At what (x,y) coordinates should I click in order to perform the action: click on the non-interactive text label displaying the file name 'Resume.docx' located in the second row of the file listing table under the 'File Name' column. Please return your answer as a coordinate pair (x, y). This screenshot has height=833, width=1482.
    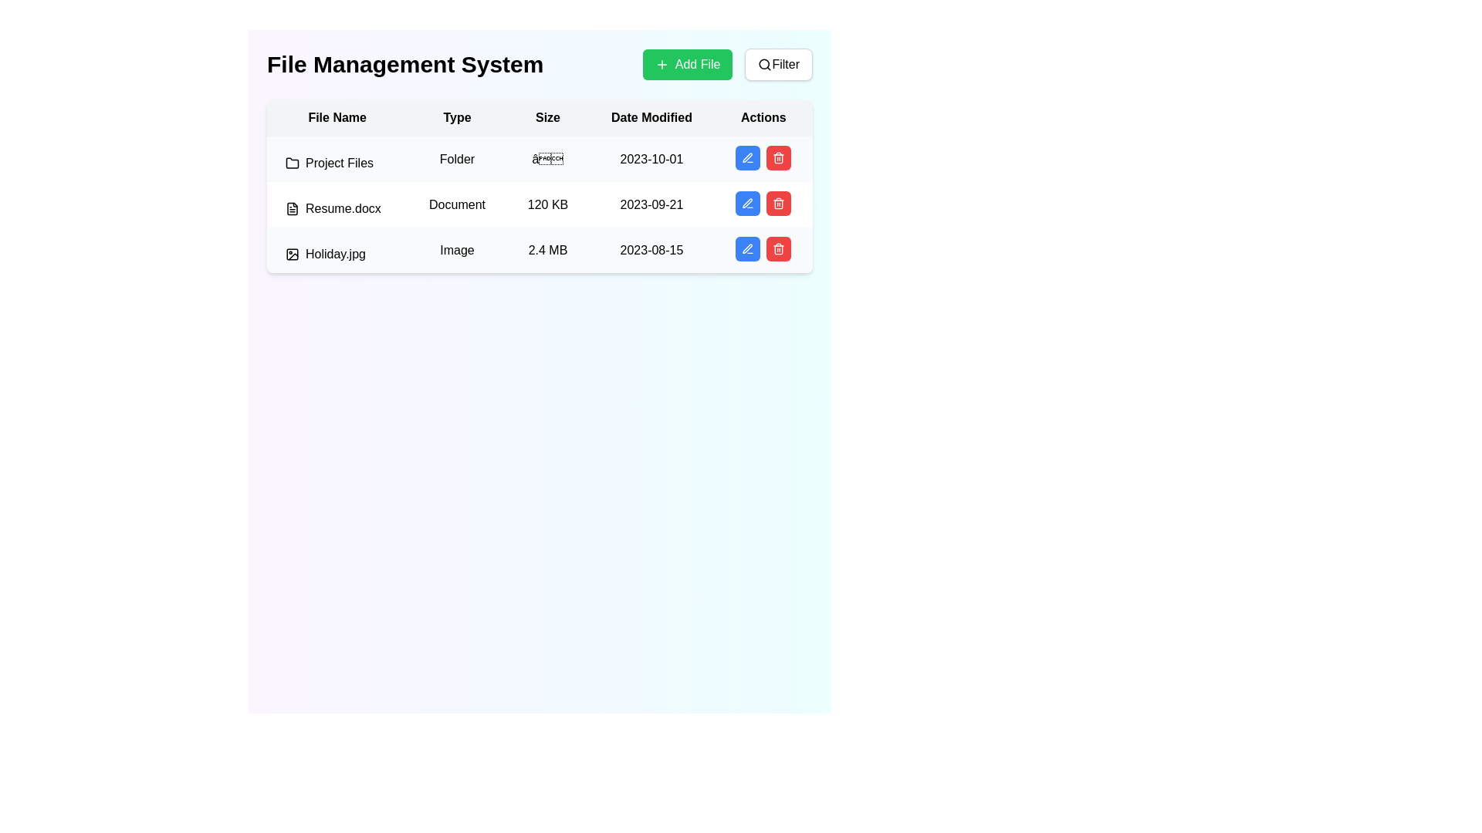
    Looking at the image, I should click on (337, 208).